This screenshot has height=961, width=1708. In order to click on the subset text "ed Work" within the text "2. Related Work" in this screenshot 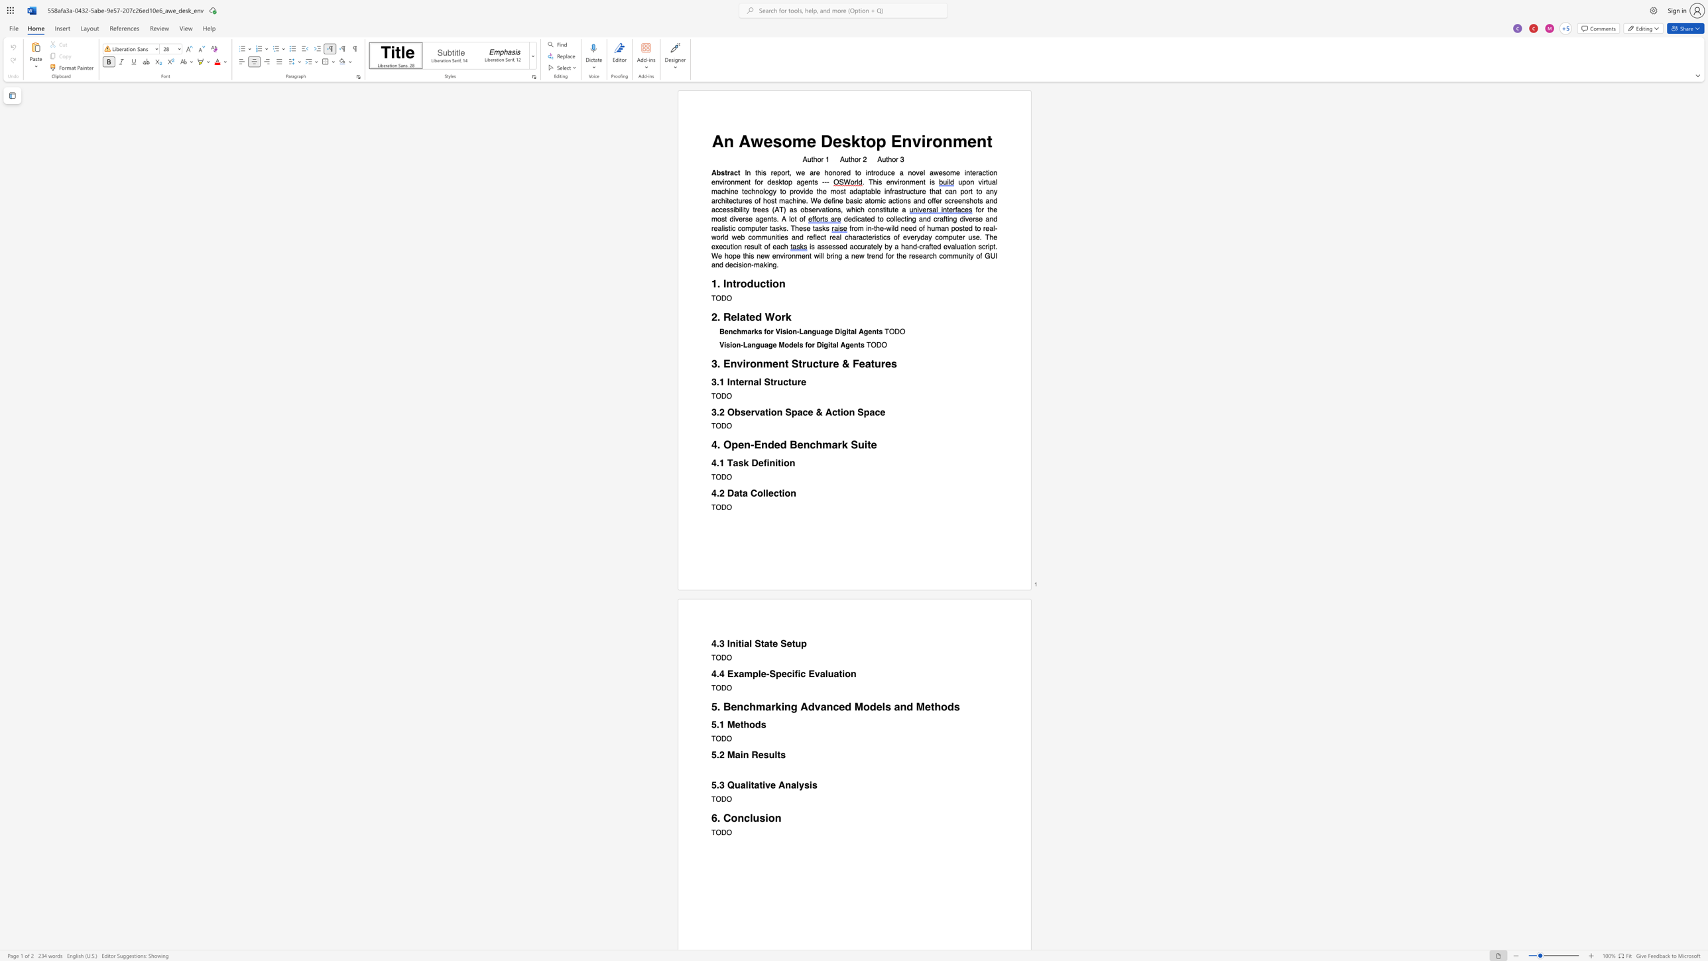, I will do `click(749, 317)`.